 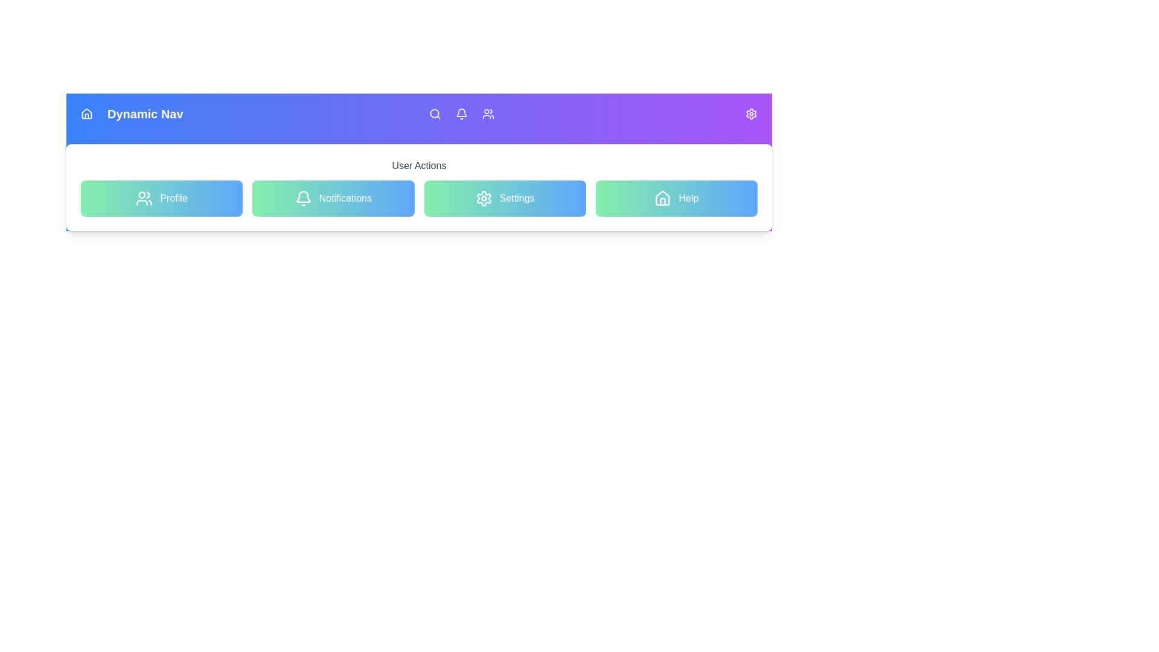 I want to click on the Profile button in the AdvancedNavBar component, so click(x=161, y=197).